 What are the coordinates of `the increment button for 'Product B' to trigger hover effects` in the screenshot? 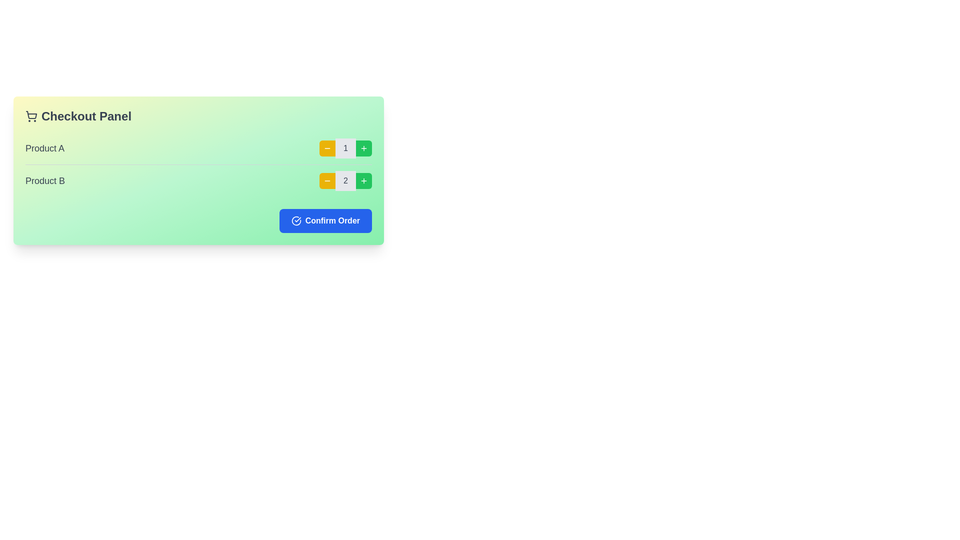 It's located at (363, 181).